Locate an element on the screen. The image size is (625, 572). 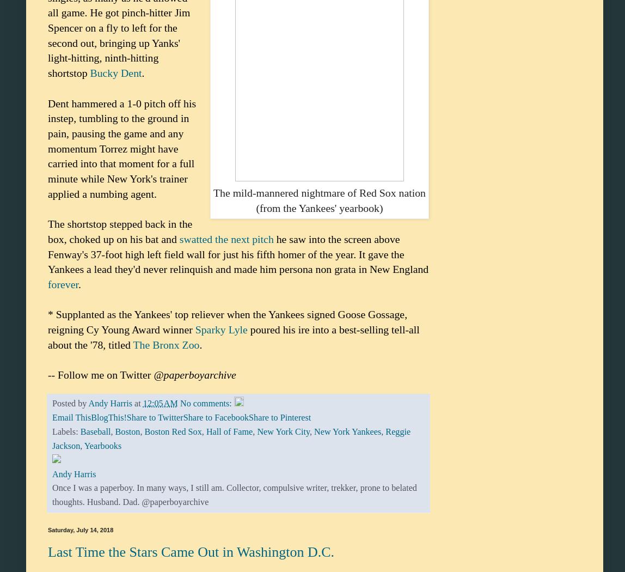
'Email This' is located at coordinates (52, 417).